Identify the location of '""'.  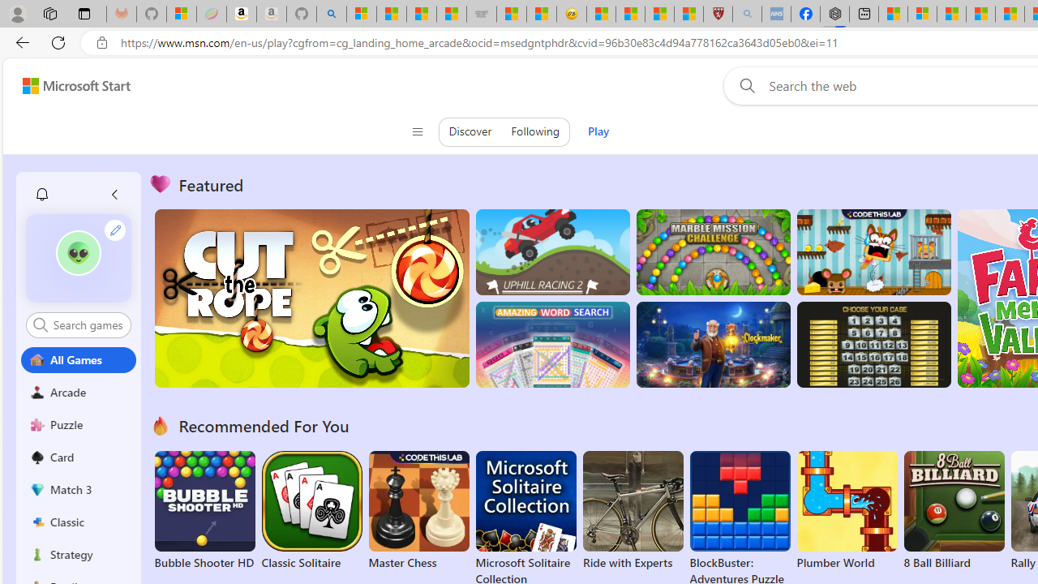
(77, 253).